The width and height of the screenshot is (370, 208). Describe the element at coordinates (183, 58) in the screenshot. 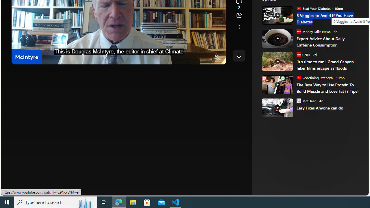

I see `'Quality Settings'` at that location.